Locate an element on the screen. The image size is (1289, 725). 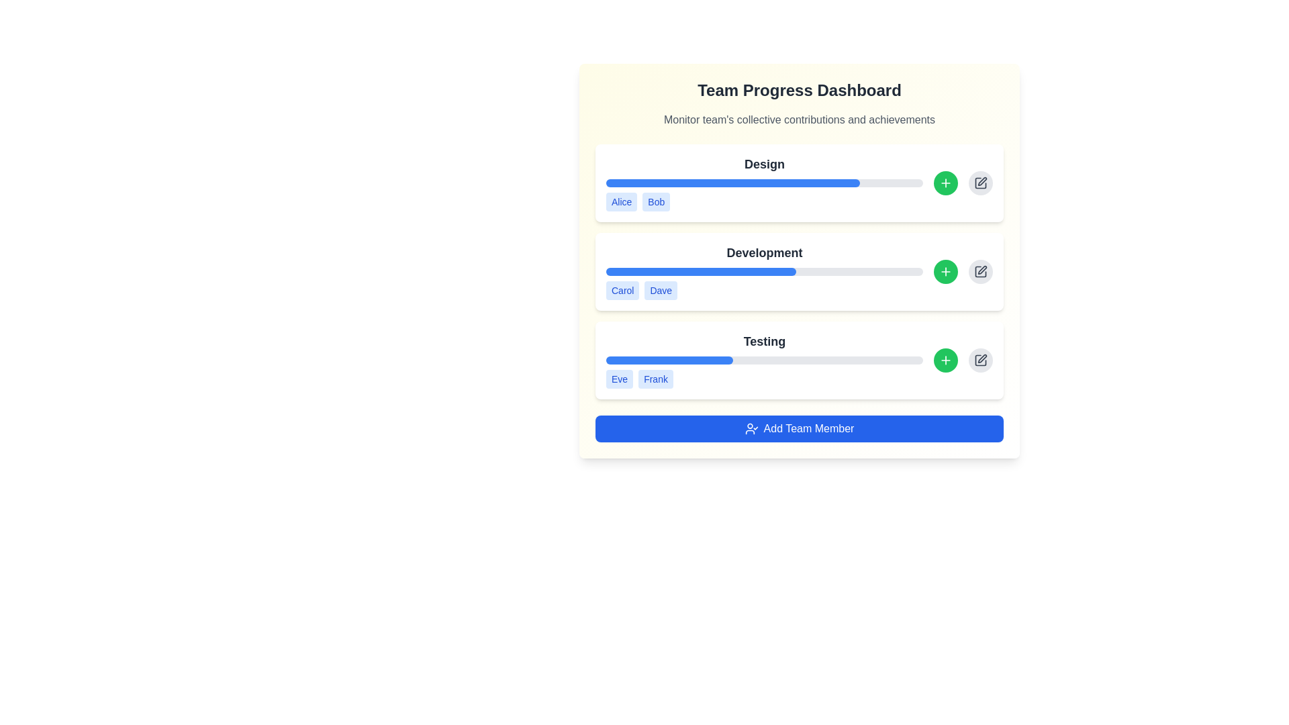
the filled portion of the progress bar indicating 80% completion under the 'Design' label is located at coordinates (732, 183).